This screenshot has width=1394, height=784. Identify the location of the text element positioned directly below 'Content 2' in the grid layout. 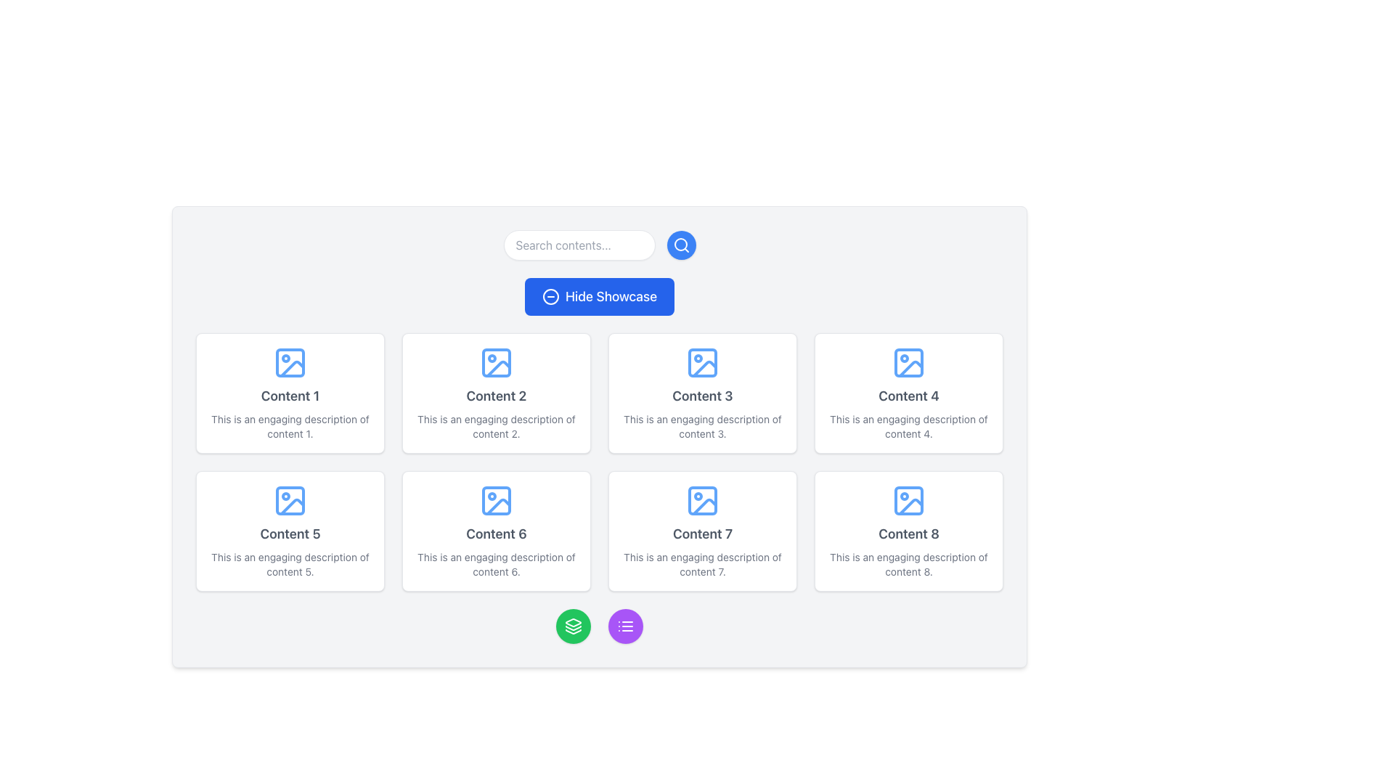
(497, 425).